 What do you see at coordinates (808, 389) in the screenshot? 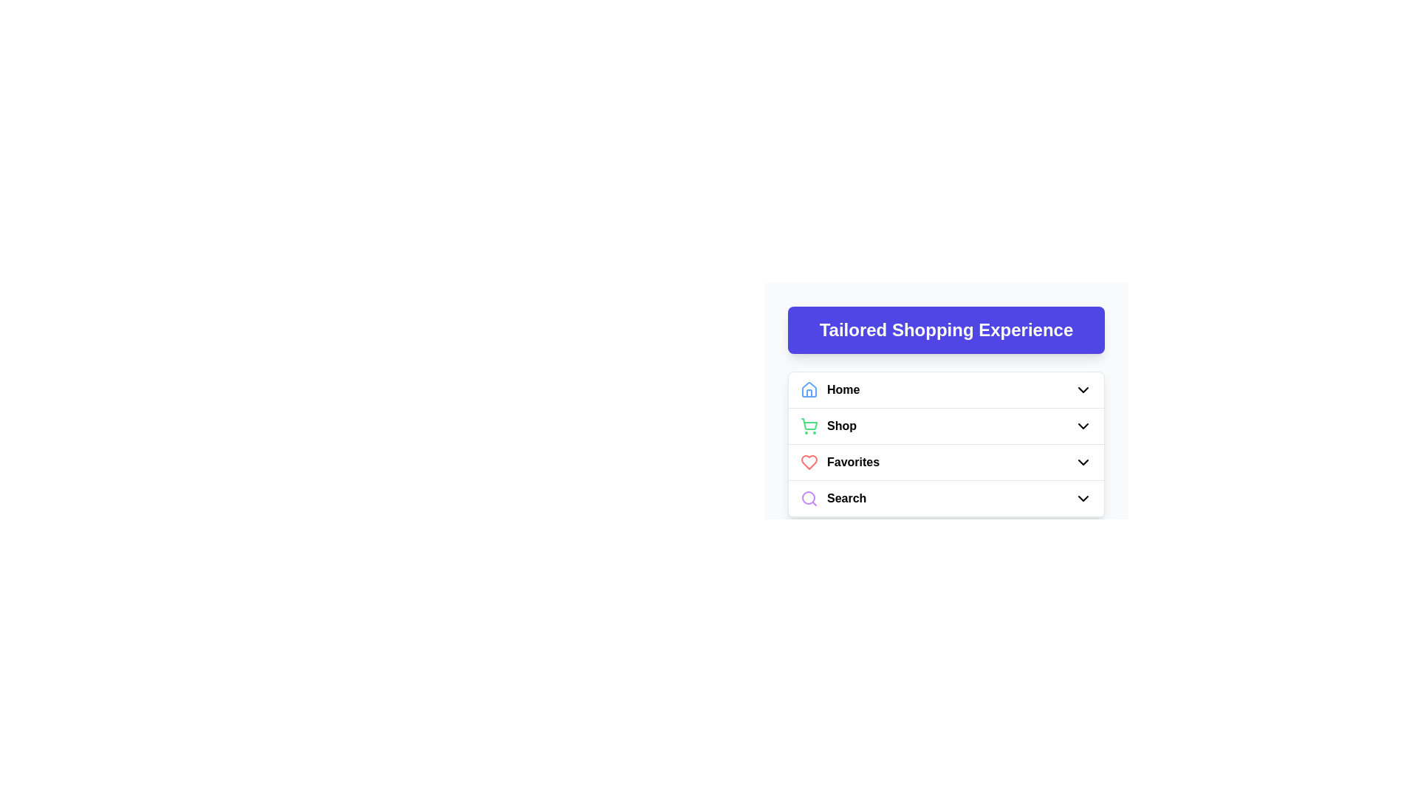
I see `the house-shaped icon with a blue outline located to the left of the text 'Home' in the top-left corner of the vertical list menu` at bounding box center [808, 389].